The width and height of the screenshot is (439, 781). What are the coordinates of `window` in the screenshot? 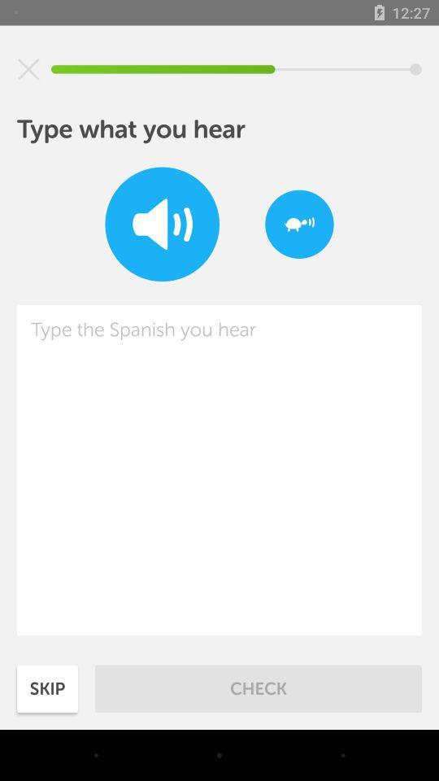 It's located at (28, 69).